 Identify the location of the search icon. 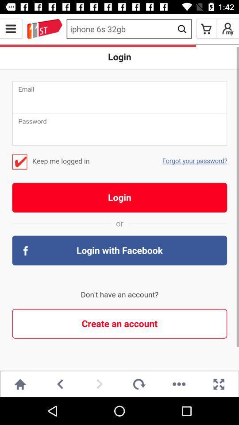
(181, 29).